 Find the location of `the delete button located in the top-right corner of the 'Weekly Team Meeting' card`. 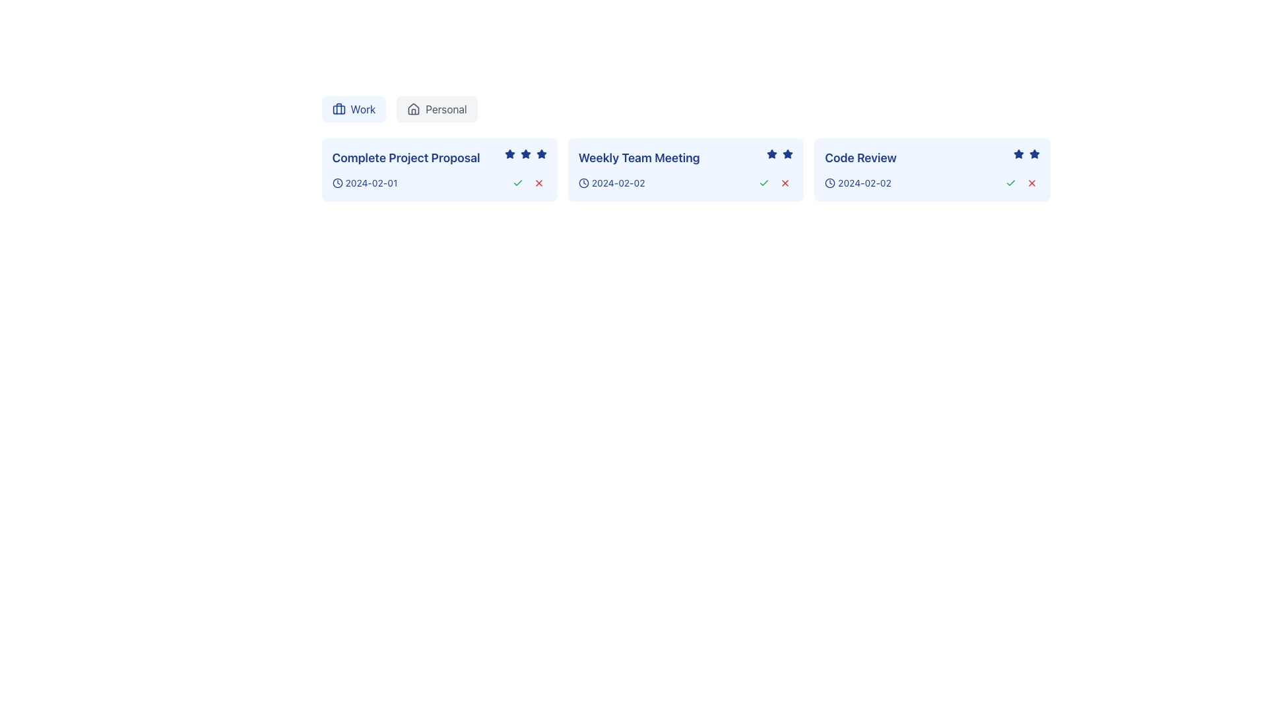

the delete button located in the top-right corner of the 'Weekly Team Meeting' card is located at coordinates (785, 183).